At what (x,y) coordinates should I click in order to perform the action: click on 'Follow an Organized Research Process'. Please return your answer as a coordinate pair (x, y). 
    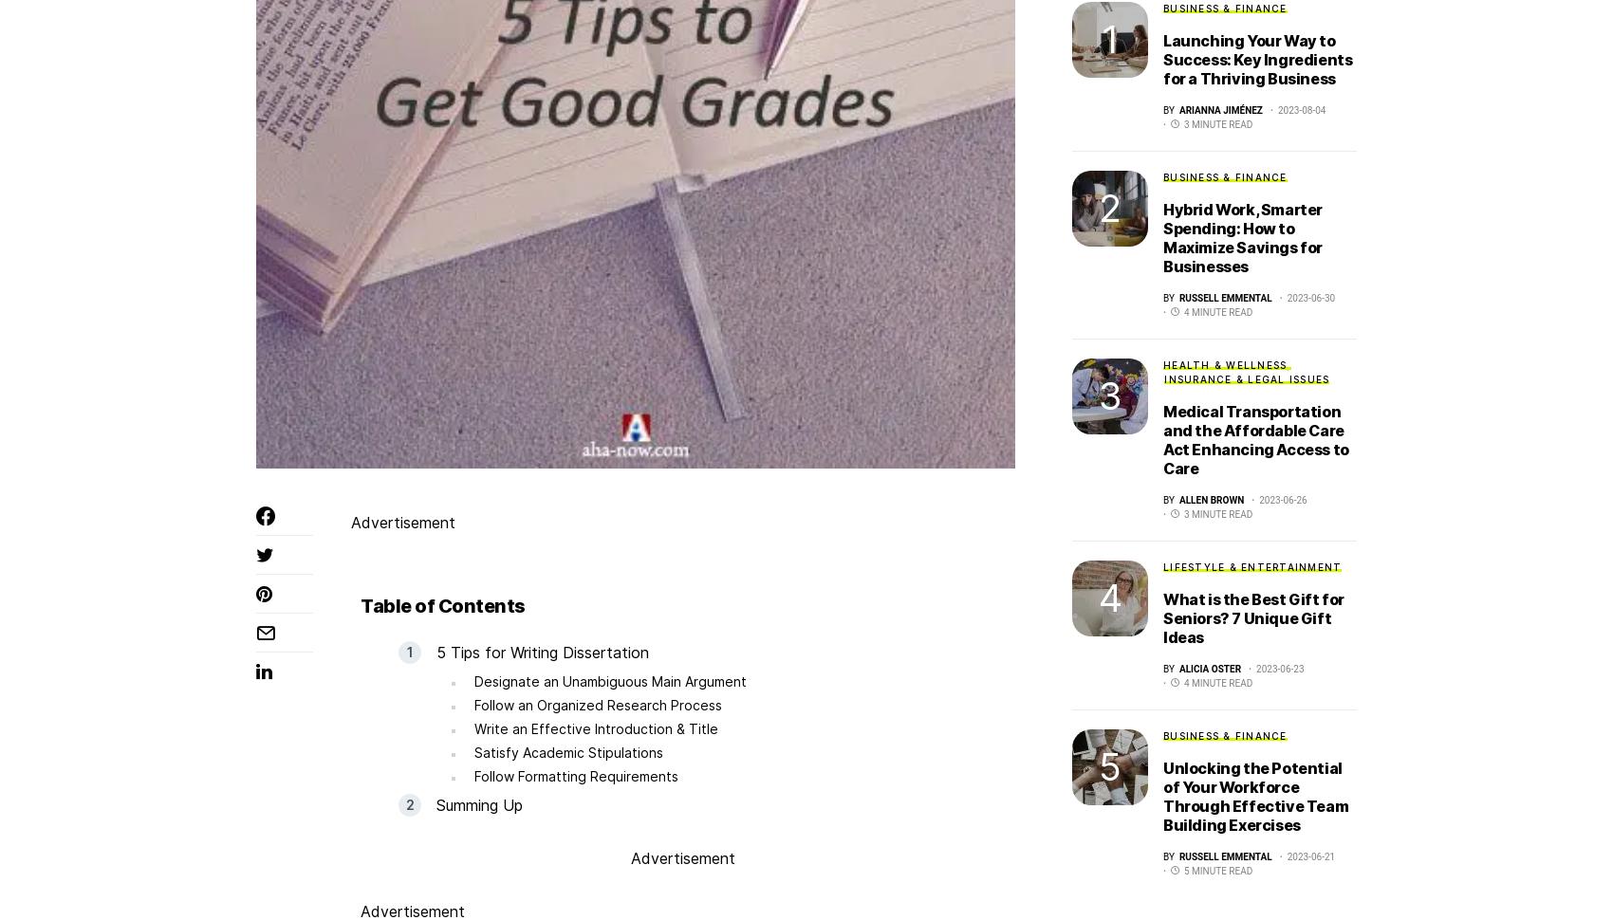
    Looking at the image, I should click on (473, 704).